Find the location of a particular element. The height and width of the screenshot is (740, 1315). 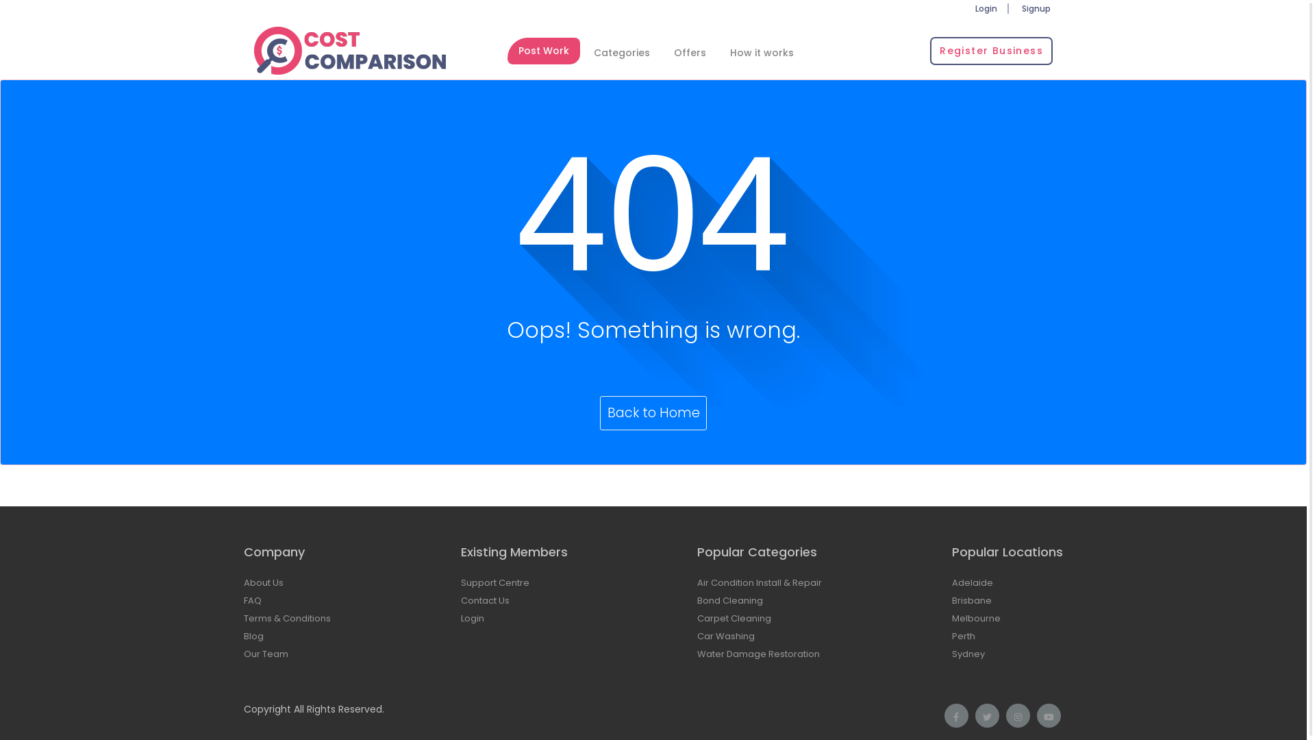

'Register Business' is located at coordinates (991, 50).